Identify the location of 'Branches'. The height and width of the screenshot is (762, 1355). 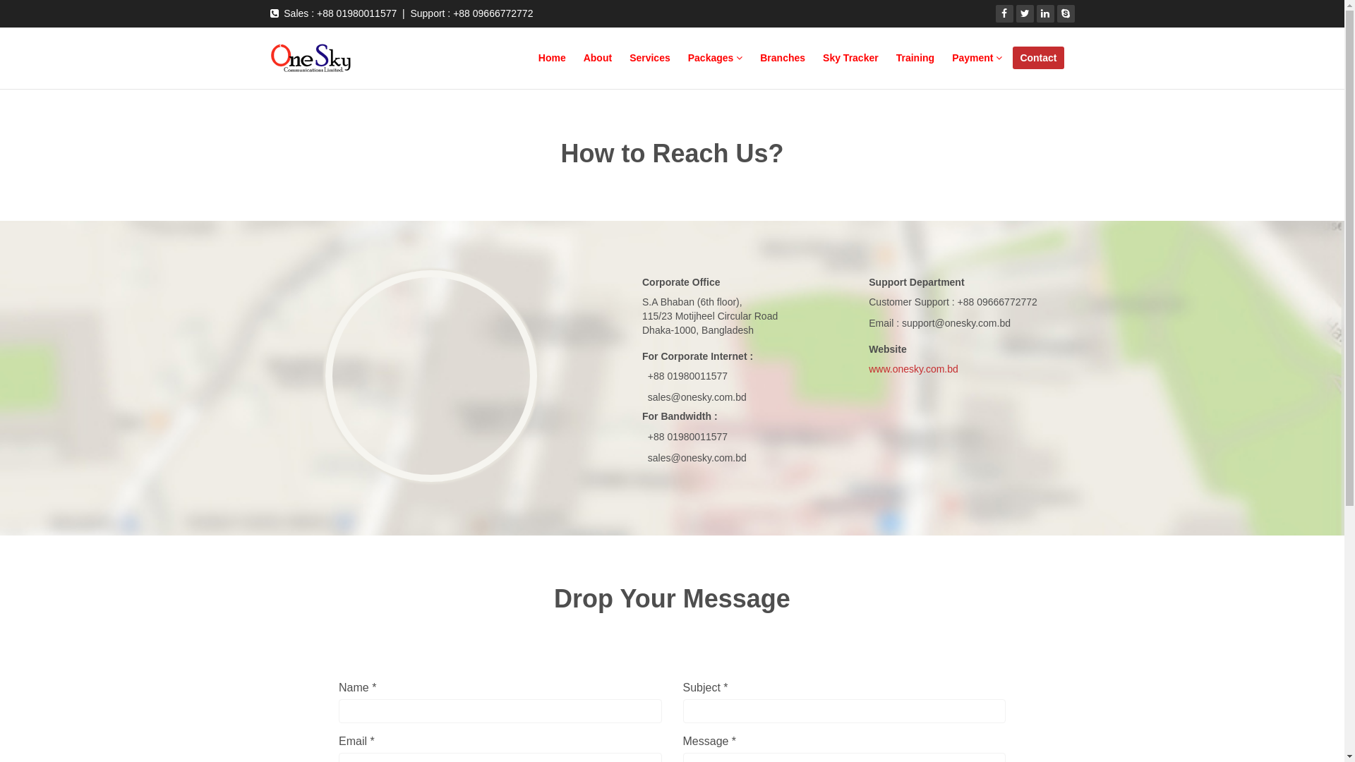
(781, 56).